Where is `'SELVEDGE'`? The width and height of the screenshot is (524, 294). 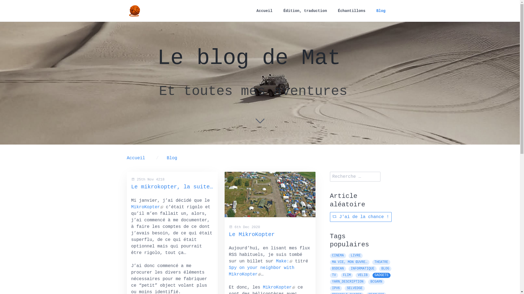
'SELVEDGE' is located at coordinates (355, 288).